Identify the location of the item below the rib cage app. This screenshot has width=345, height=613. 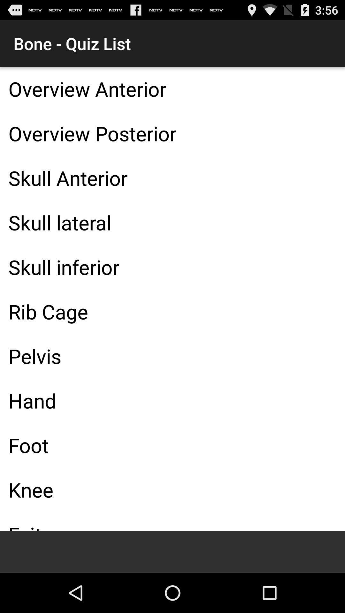
(172, 356).